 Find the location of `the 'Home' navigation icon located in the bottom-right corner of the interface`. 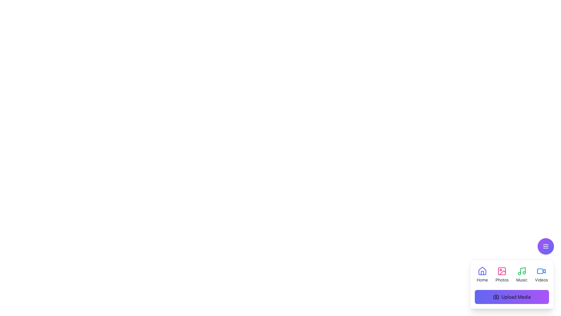

the 'Home' navigation icon located in the bottom-right corner of the interface is located at coordinates (482, 271).